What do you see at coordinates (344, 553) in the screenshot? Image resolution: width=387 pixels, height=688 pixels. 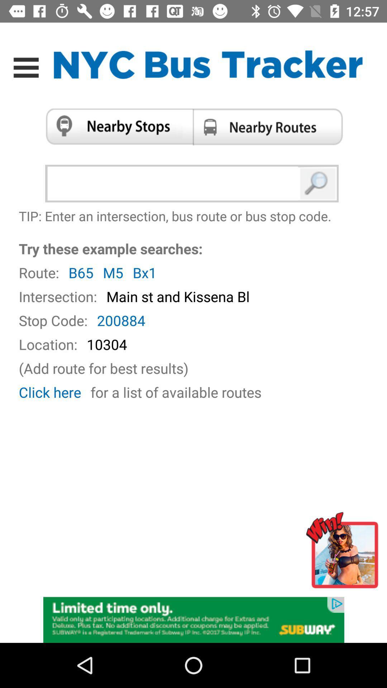 I see `another site` at bounding box center [344, 553].